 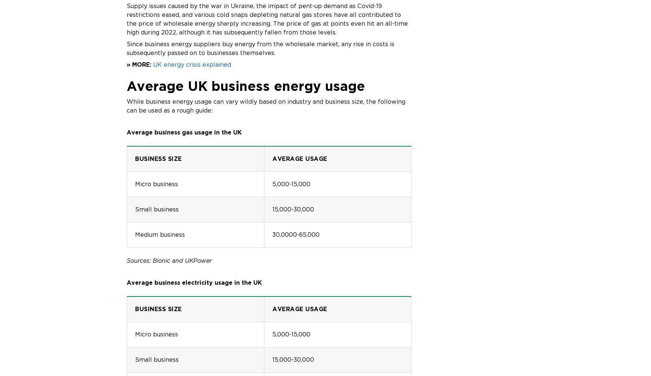 I want to click on 'Average business electricity usage in the UK', so click(x=194, y=282).